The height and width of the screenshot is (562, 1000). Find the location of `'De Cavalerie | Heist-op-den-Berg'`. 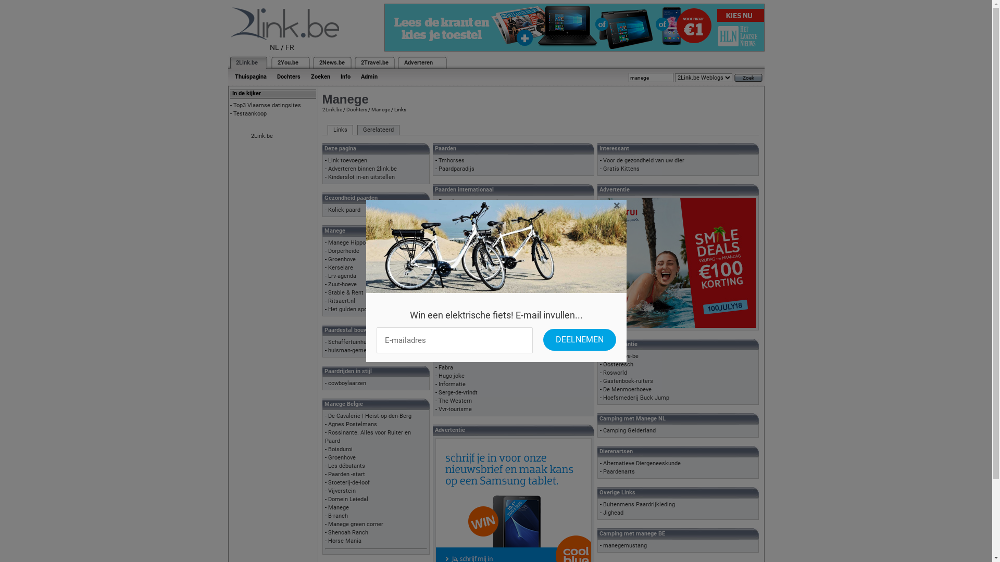

'De Cavalerie | Heist-op-den-Berg' is located at coordinates (370, 415).